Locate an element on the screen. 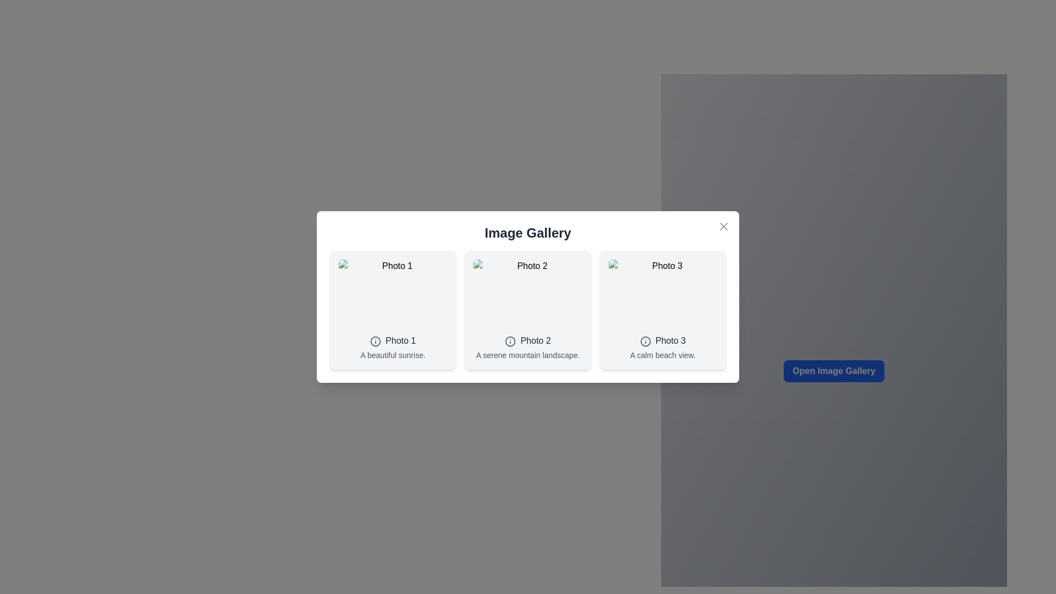  the image placeholder labeled 'Photo 3' is located at coordinates (662, 294).